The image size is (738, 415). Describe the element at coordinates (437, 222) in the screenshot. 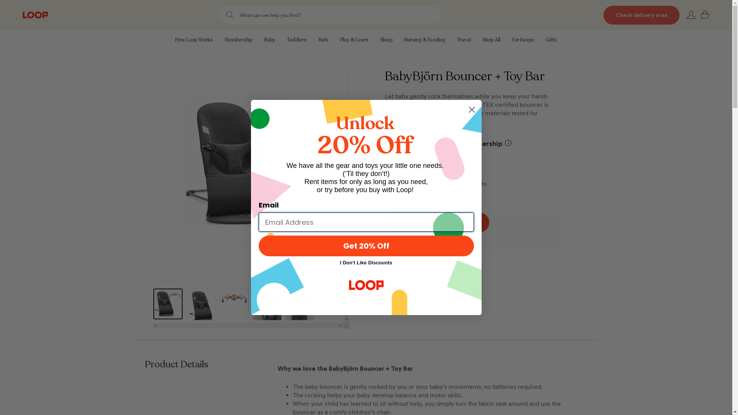

I see `'Add To Bag'` at that location.